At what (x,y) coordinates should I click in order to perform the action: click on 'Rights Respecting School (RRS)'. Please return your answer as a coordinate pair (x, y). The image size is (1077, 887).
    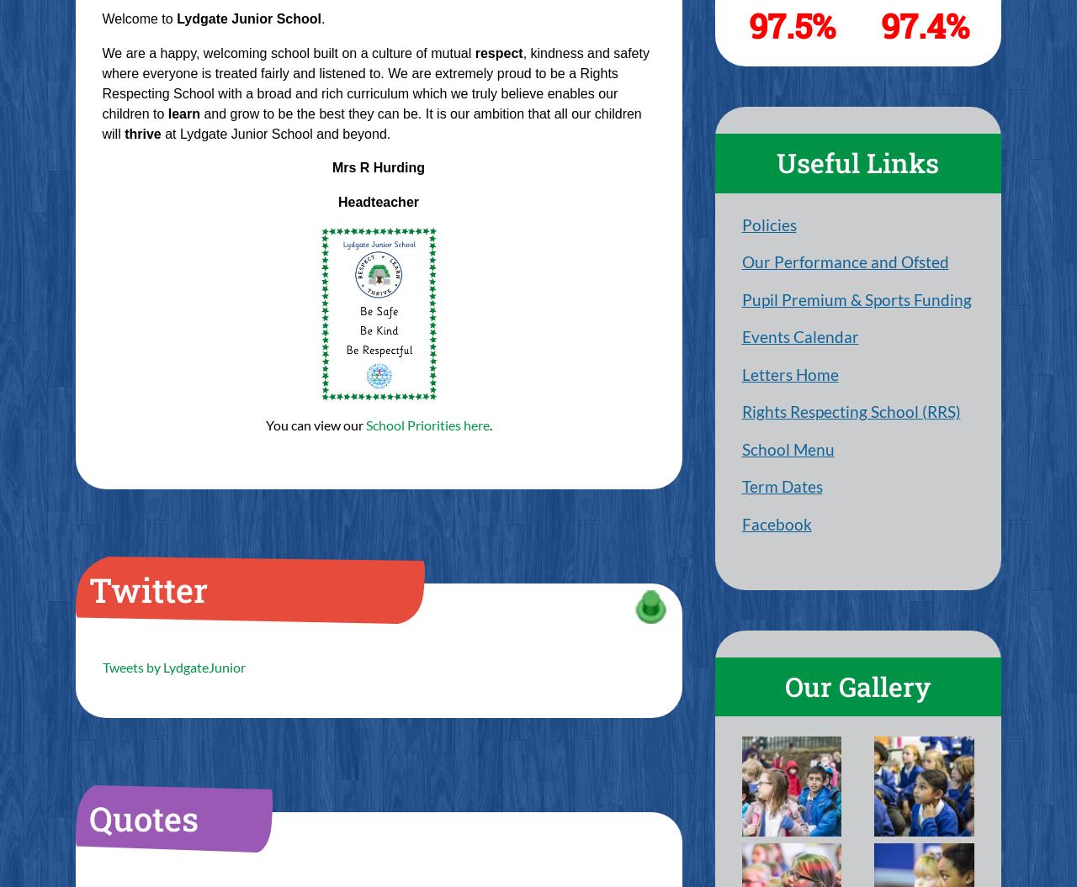
    Looking at the image, I should click on (850, 411).